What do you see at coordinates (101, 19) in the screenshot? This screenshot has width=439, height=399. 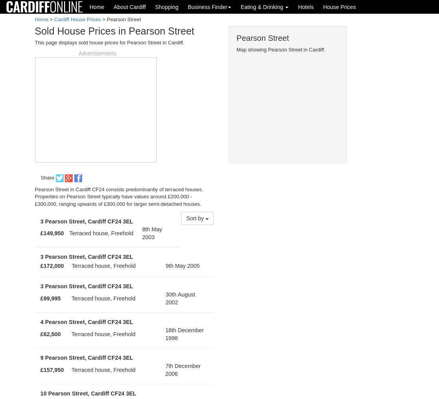 I see `'> Pearson Street'` at bounding box center [101, 19].